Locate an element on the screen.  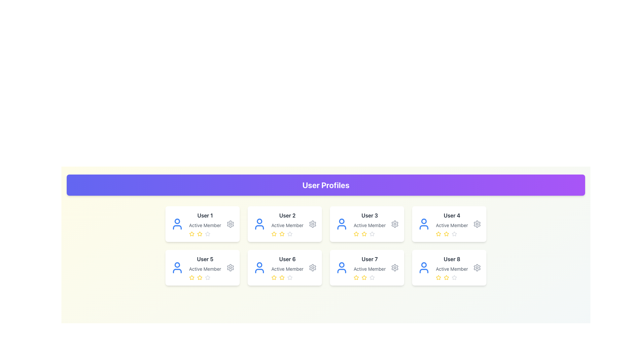
the Gear icon button located at the top-right edge of the 'User 2 - Active Member' profile card is located at coordinates (312, 224).